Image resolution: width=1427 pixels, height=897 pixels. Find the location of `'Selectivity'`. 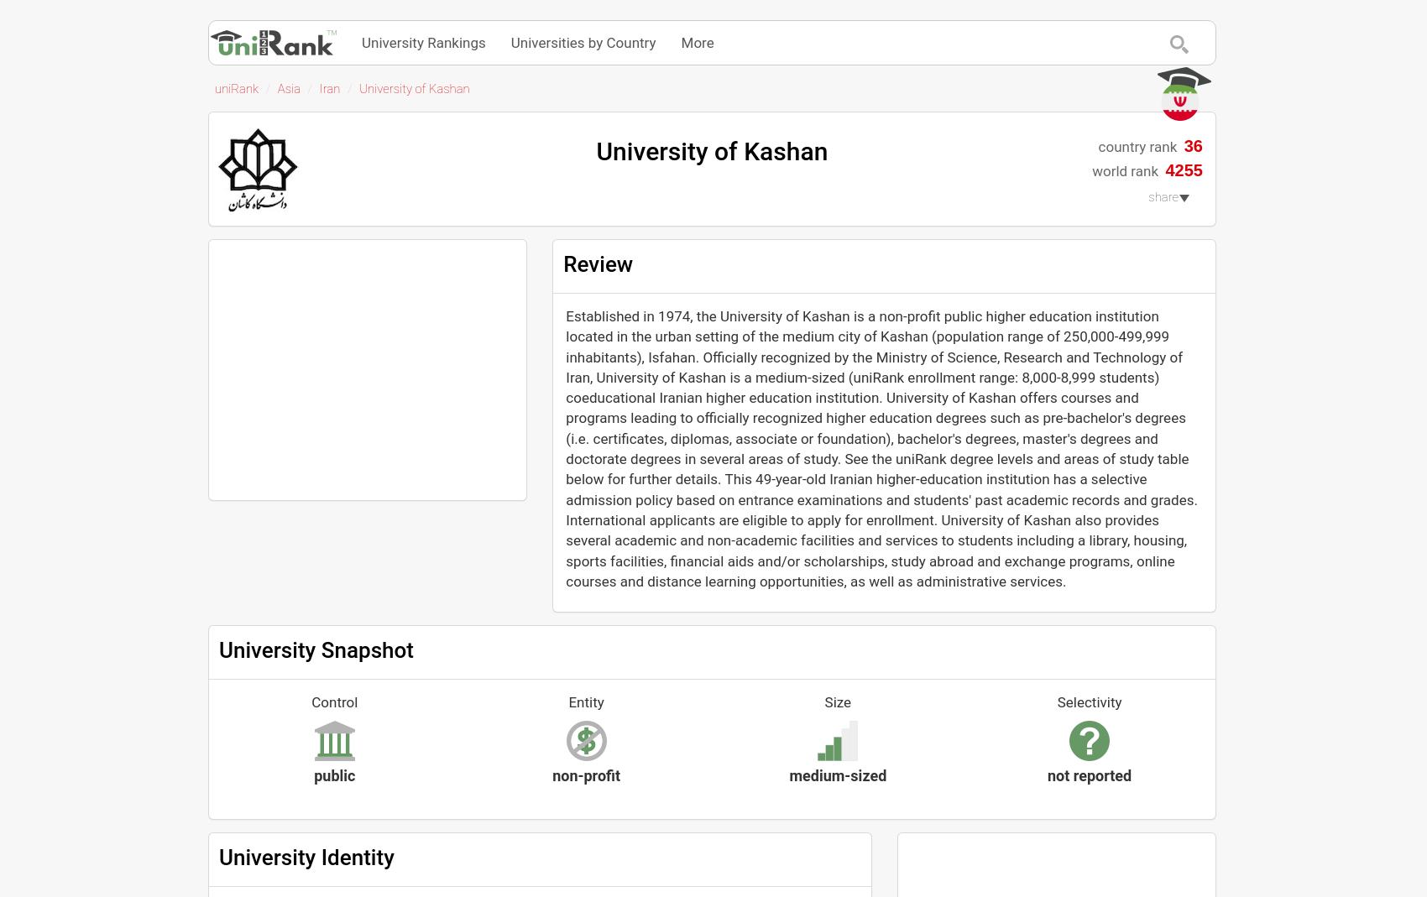

'Selectivity' is located at coordinates (1089, 702).